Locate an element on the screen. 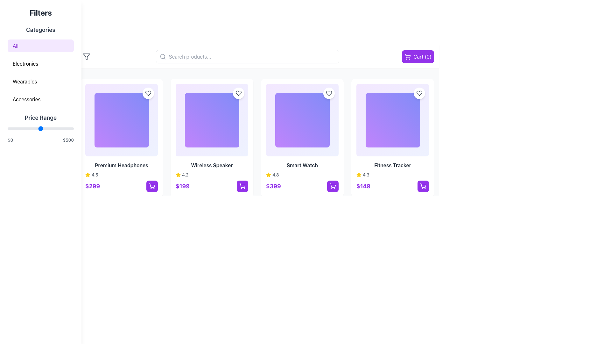 This screenshot has height=344, width=611. the shopping cart icon located in the upper right corner of the application interface, adjacent to the text label indicating the number of items in the cart is located at coordinates (408, 55).